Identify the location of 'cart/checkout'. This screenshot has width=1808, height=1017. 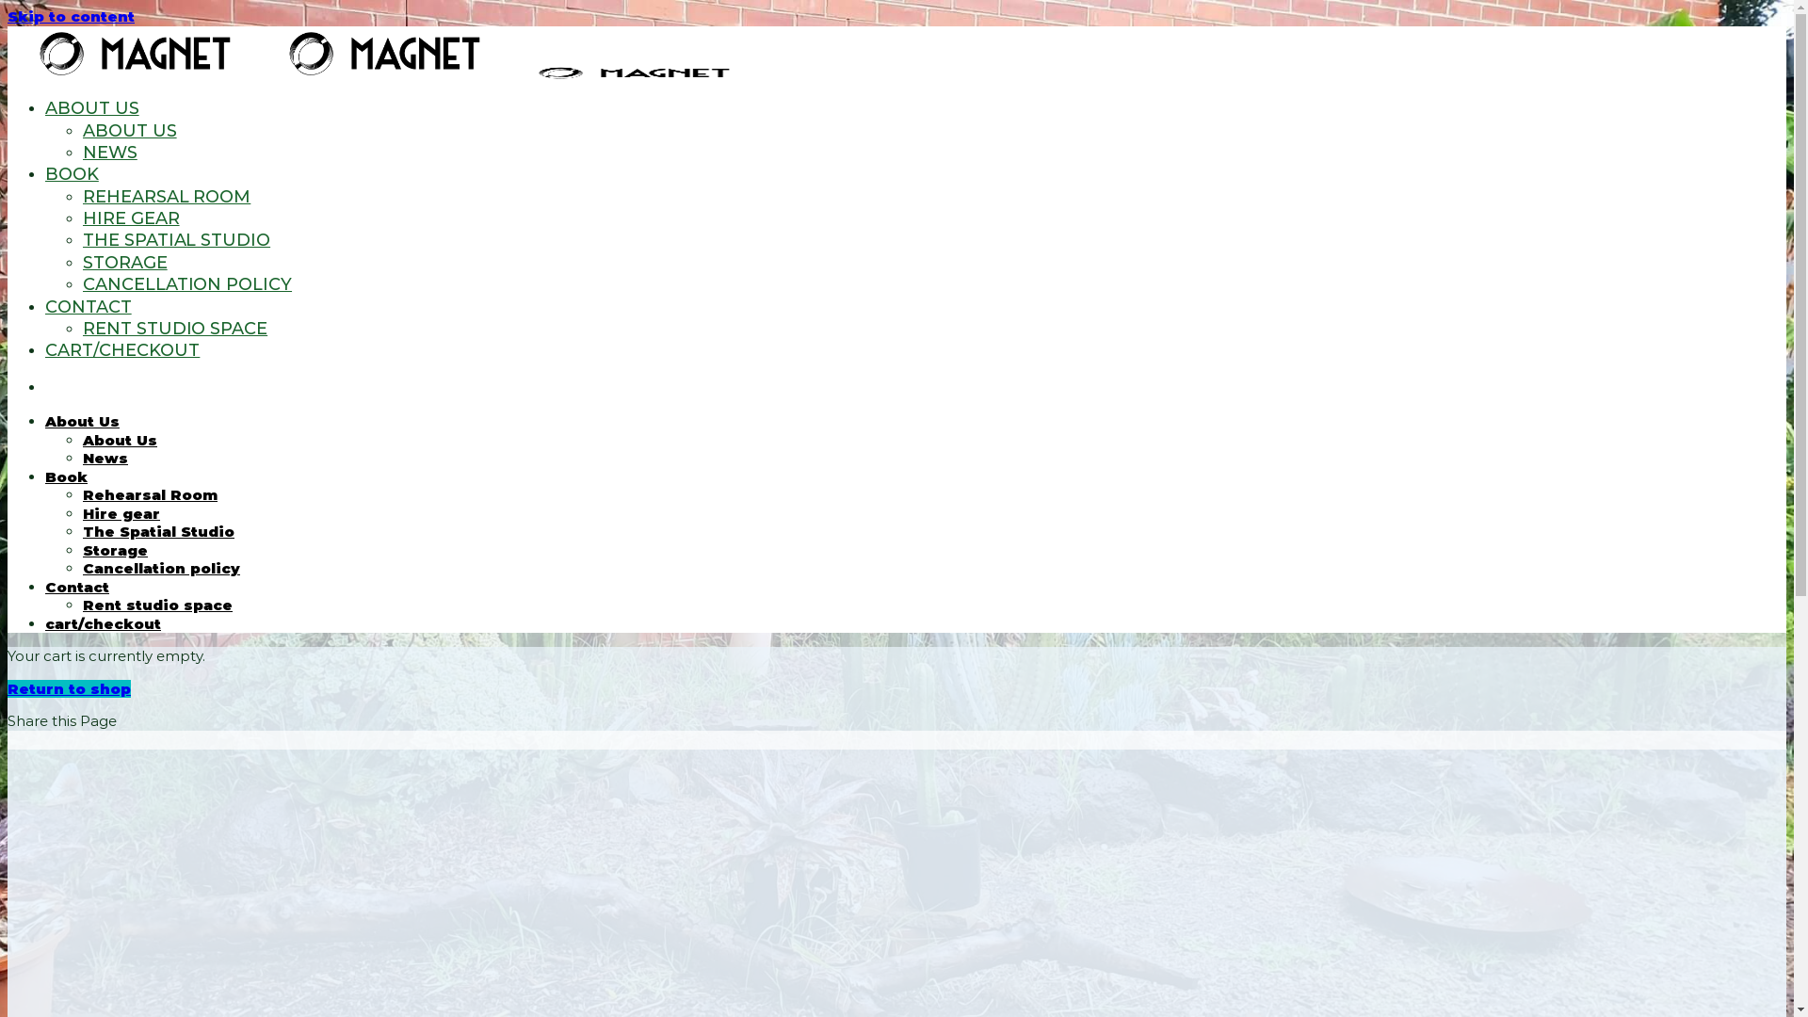
(102, 623).